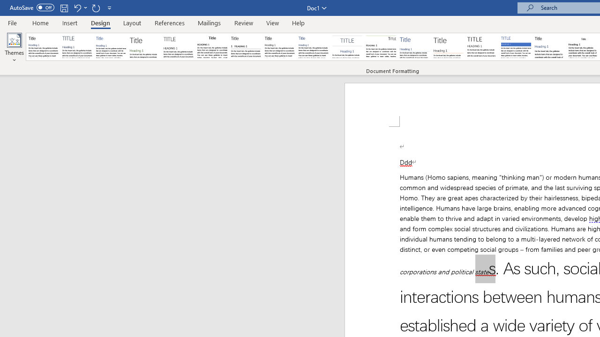  What do you see at coordinates (32, 7) in the screenshot?
I see `'AutoSave'` at bounding box center [32, 7].